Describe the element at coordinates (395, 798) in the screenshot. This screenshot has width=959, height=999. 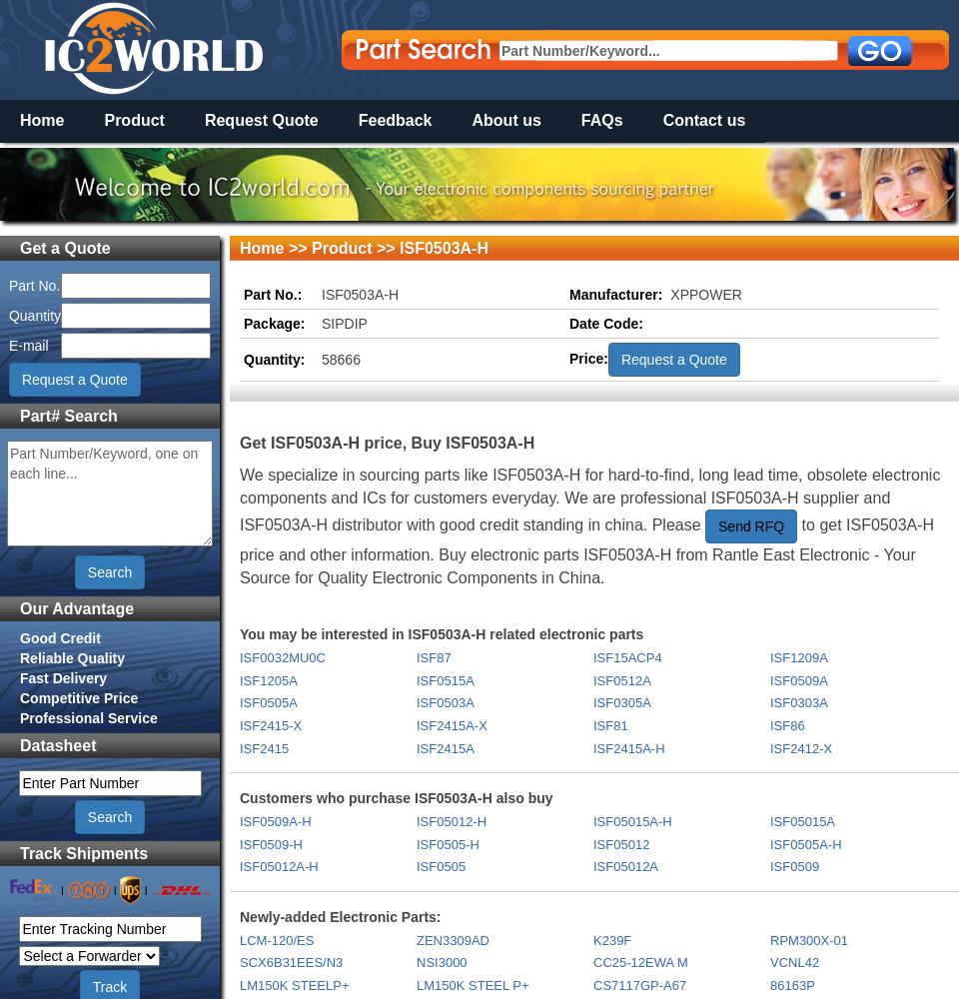
I see `'Customers who purchase ISF0503A-H also buy'` at that location.